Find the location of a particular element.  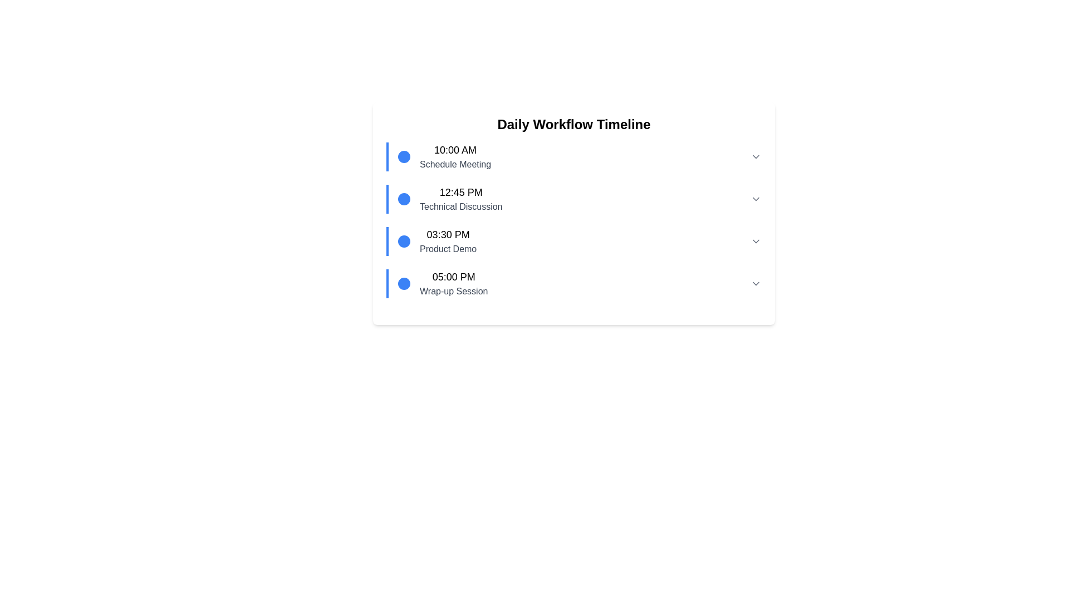

the third circular marker in the timeline, which is positioned to the left of '03:30 PM' and 'Product Demo' is located at coordinates (403, 241).